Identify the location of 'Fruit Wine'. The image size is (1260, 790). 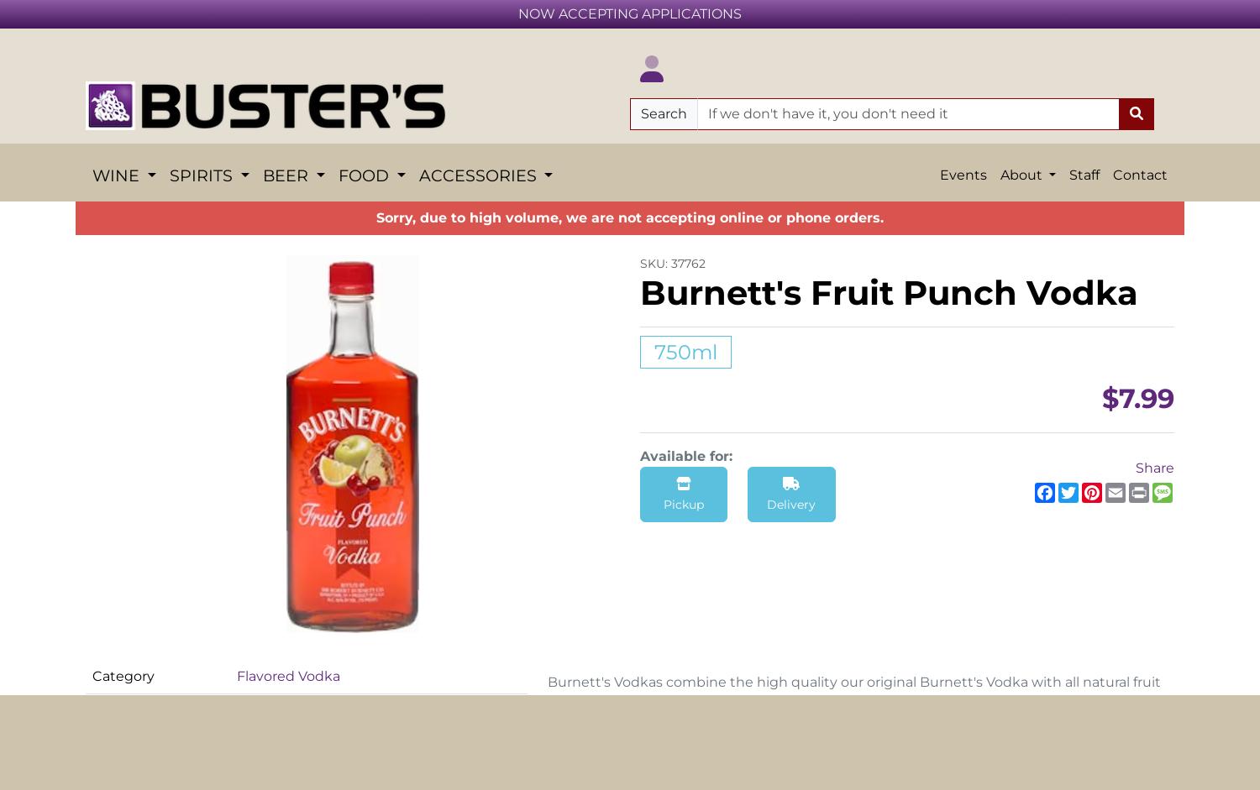
(85, 591).